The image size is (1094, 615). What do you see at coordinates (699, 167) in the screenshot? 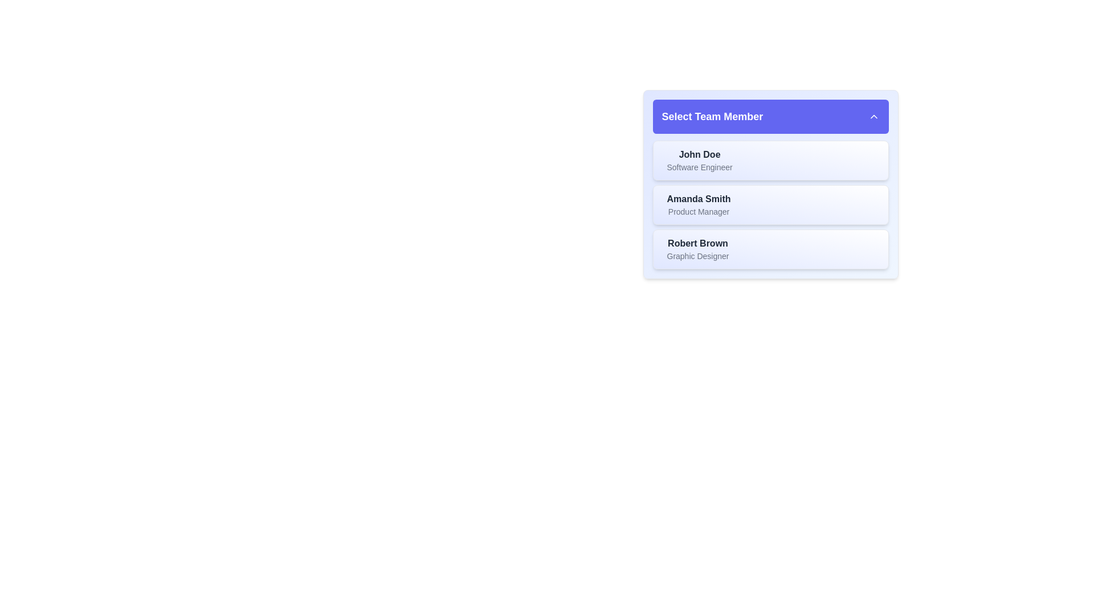
I see `the static text label displaying 'Software Engineer', which is positioned below the bold 'John Doe' text within a dropdown menu` at bounding box center [699, 167].